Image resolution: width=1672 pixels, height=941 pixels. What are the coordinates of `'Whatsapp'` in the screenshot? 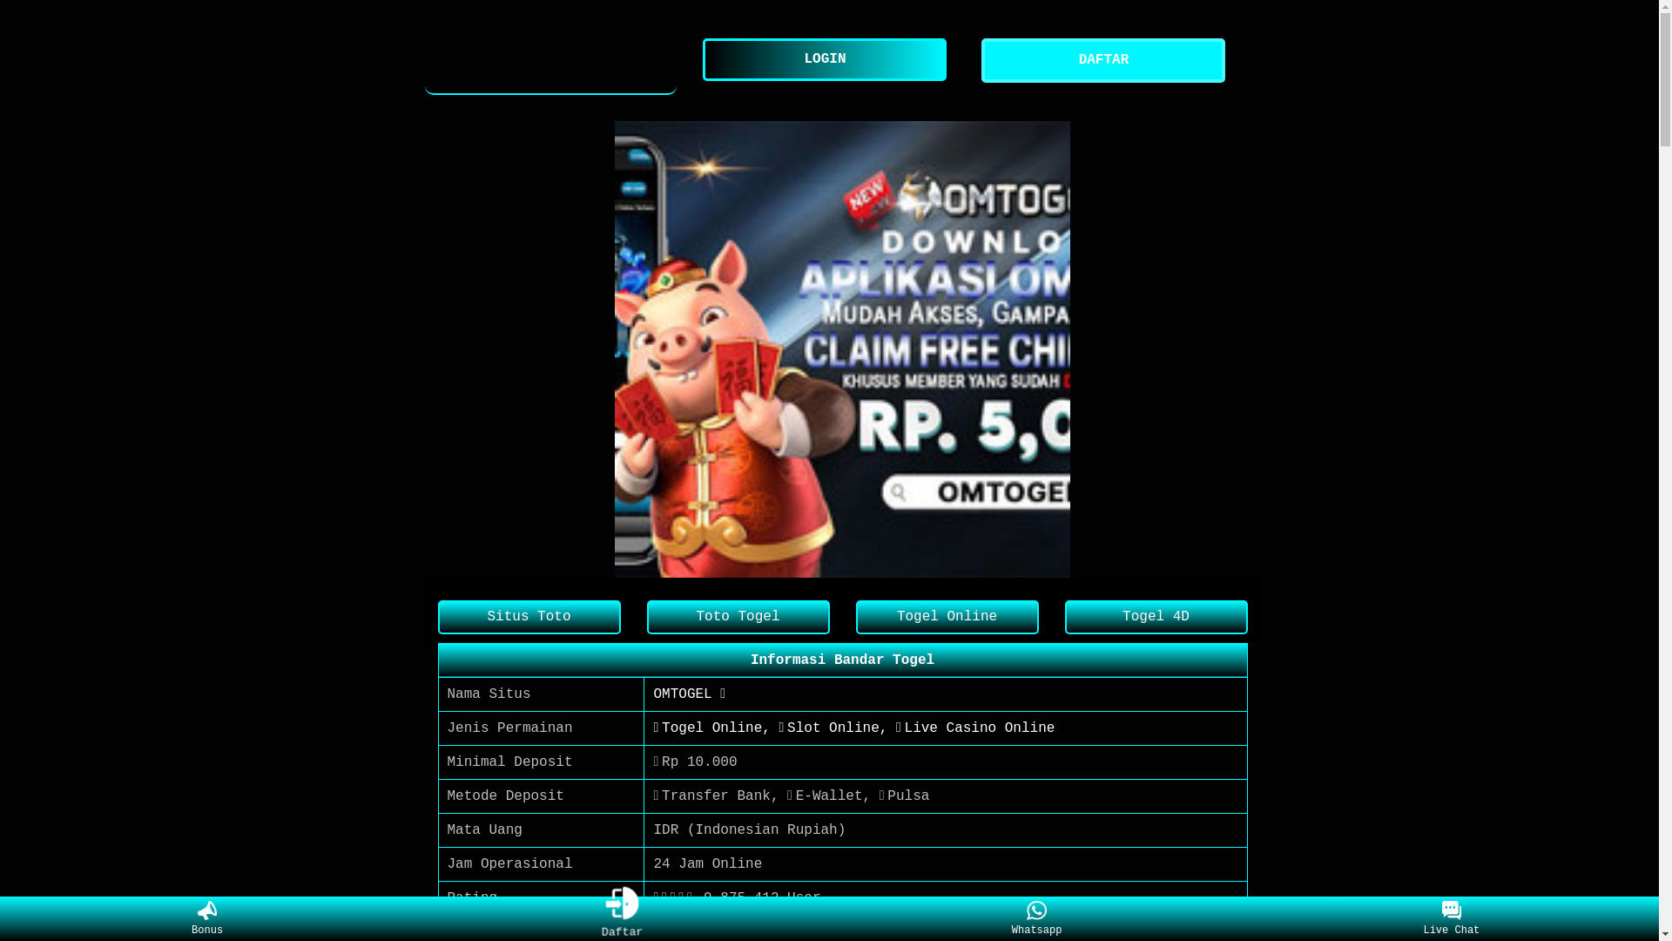 It's located at (1003, 918).